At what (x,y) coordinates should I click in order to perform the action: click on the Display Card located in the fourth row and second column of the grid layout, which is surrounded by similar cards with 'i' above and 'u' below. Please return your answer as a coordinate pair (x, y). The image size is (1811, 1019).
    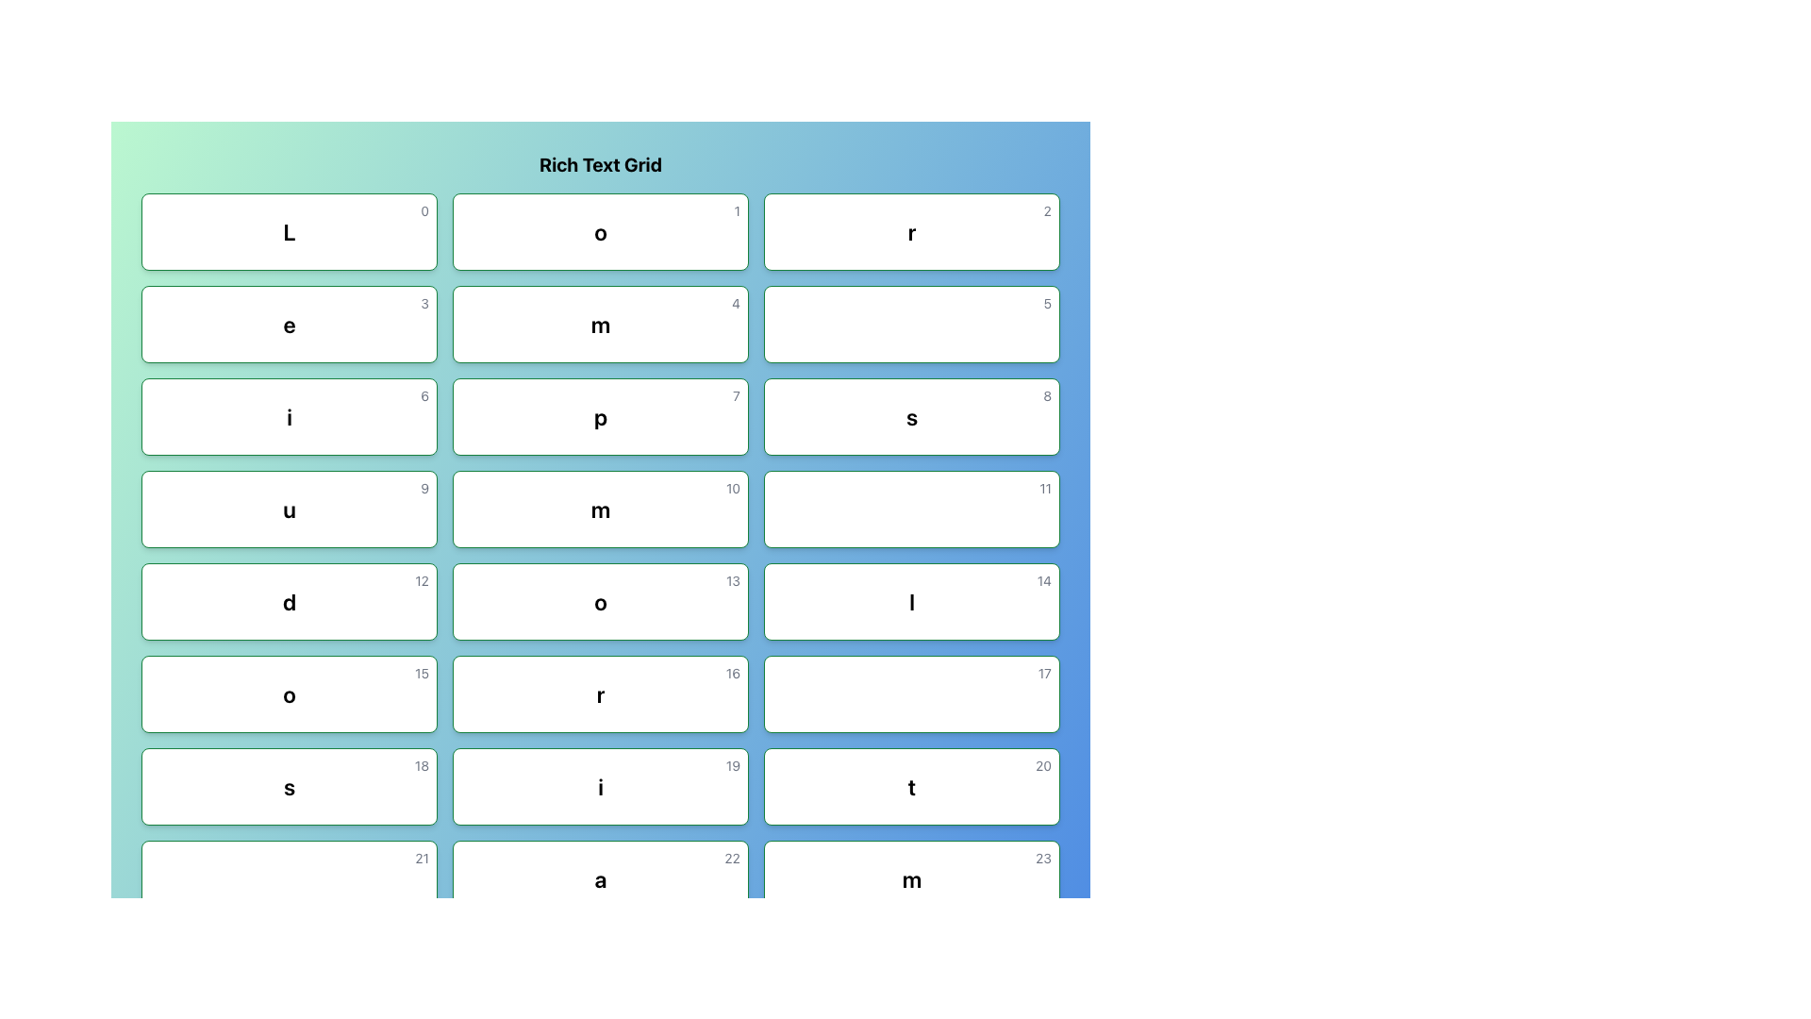
    Looking at the image, I should click on (600, 416).